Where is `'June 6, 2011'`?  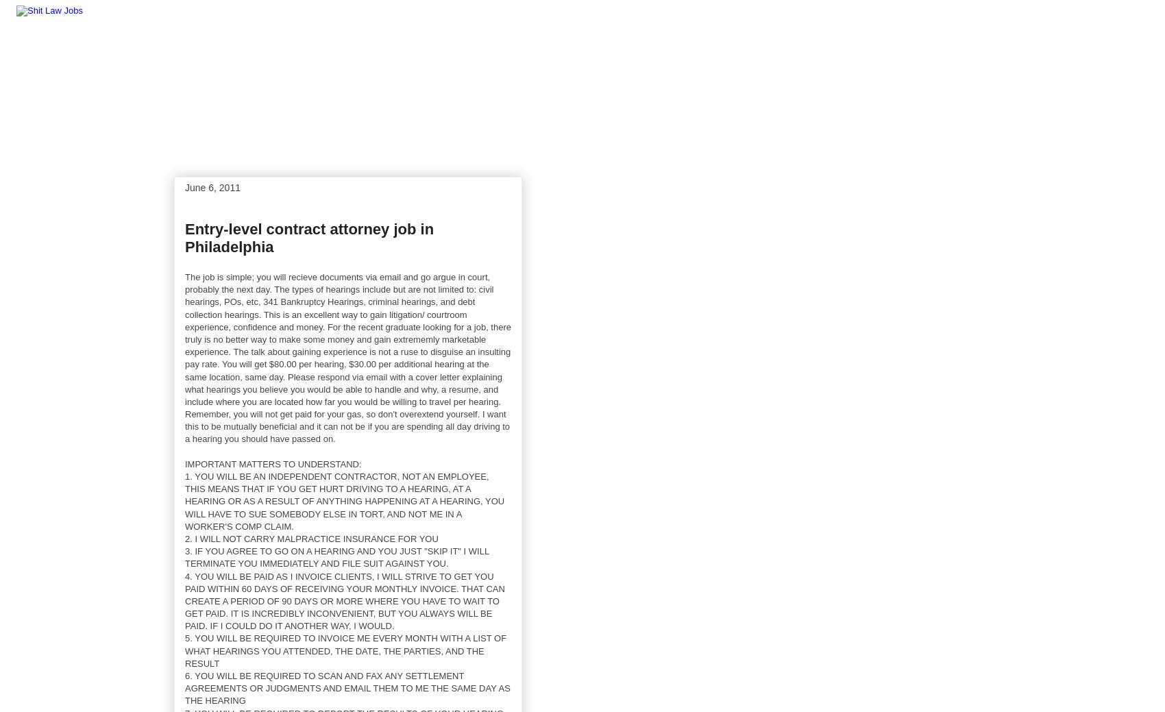
'June 6, 2011' is located at coordinates (184, 187).